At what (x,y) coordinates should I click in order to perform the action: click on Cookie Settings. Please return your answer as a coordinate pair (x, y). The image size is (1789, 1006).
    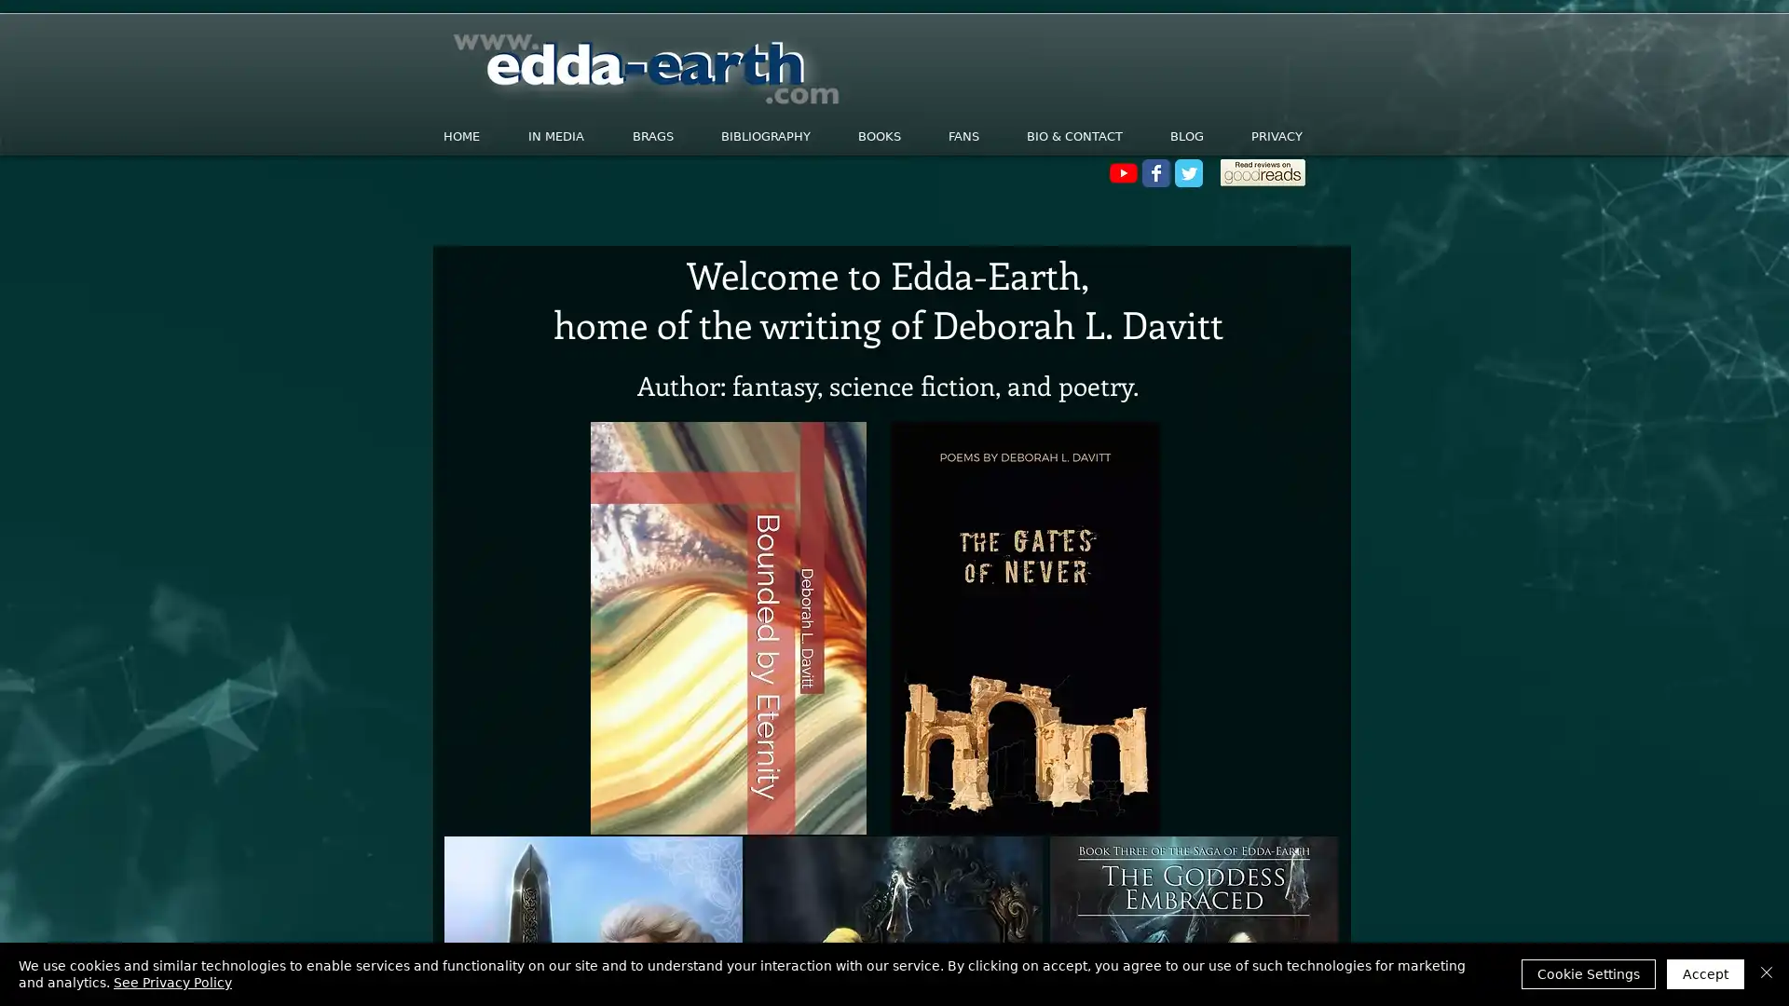
    Looking at the image, I should click on (1587, 972).